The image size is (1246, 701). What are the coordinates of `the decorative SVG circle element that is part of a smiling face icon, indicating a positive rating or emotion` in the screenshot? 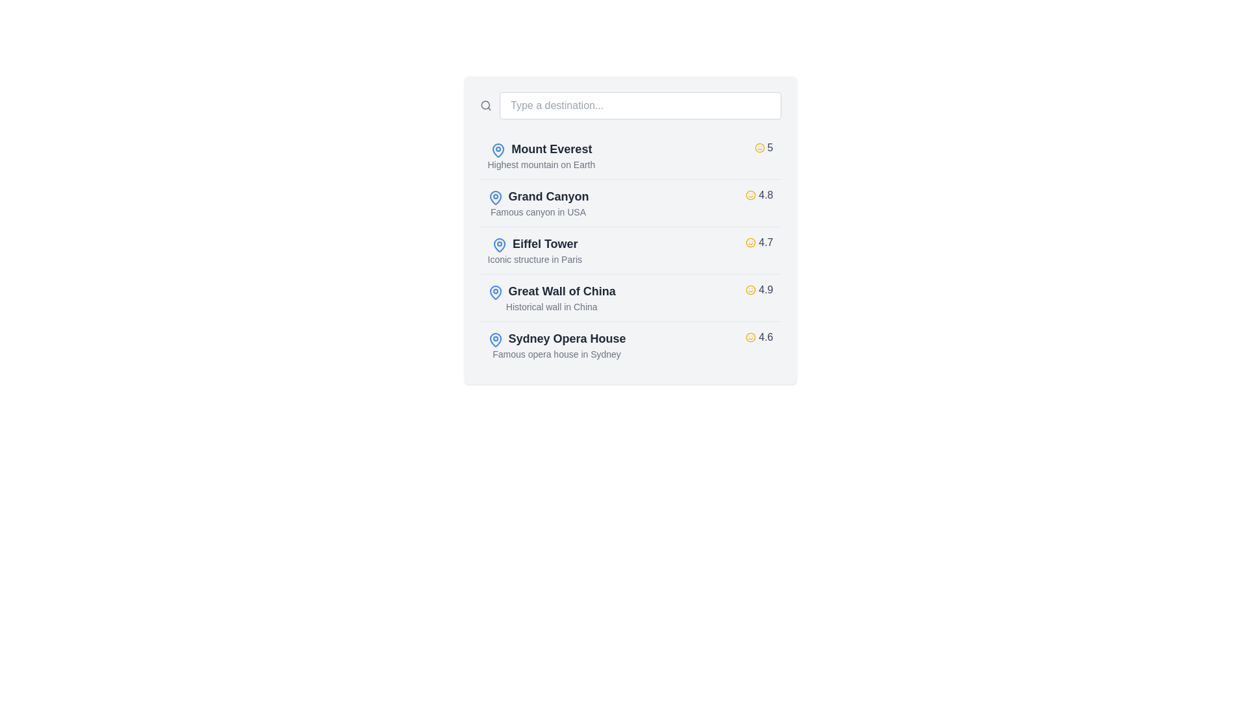 It's located at (759, 147).